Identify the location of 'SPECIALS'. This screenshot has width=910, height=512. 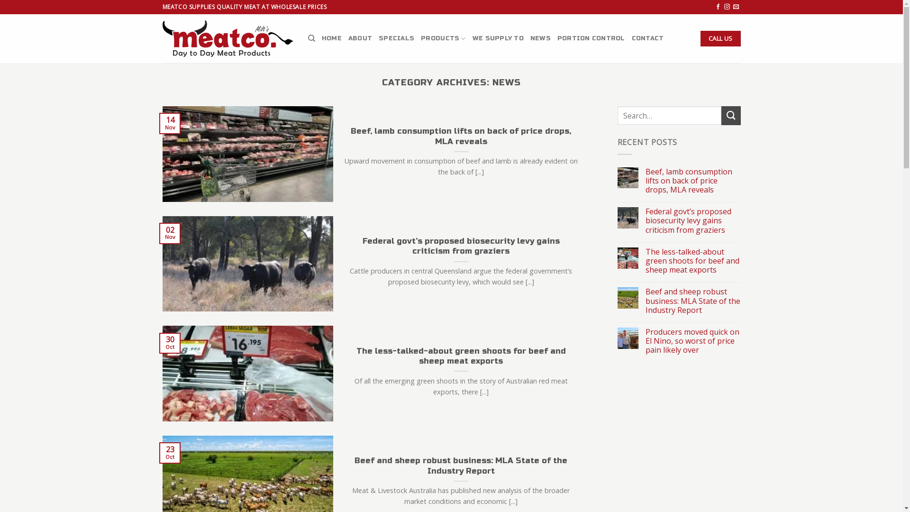
(396, 38).